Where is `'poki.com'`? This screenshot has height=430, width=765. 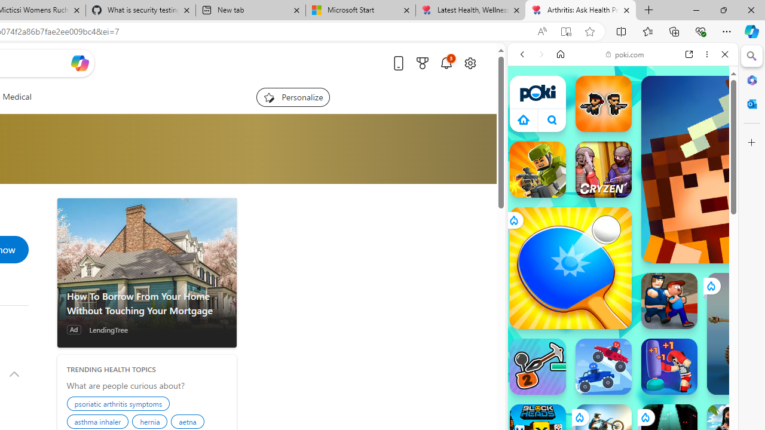 'poki.com' is located at coordinates (625, 54).